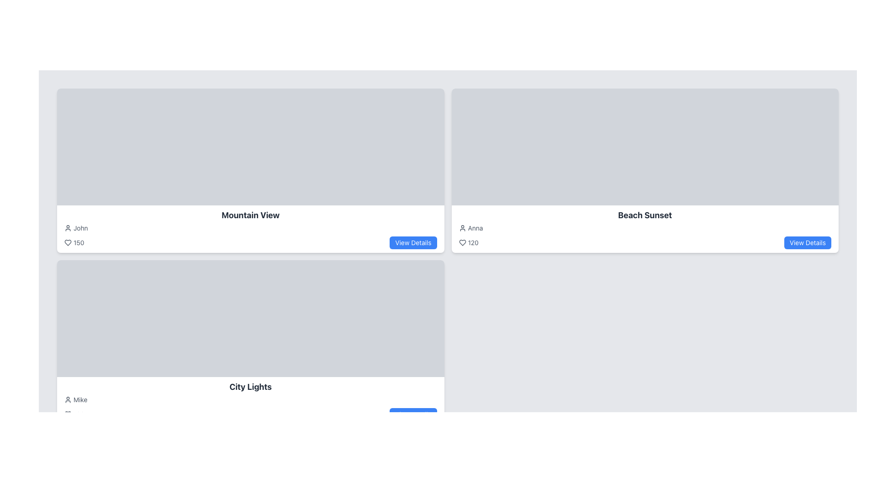 The height and width of the screenshot is (493, 877). What do you see at coordinates (808, 242) in the screenshot?
I see `the button located at the bottom right corner of the card layout` at bounding box center [808, 242].